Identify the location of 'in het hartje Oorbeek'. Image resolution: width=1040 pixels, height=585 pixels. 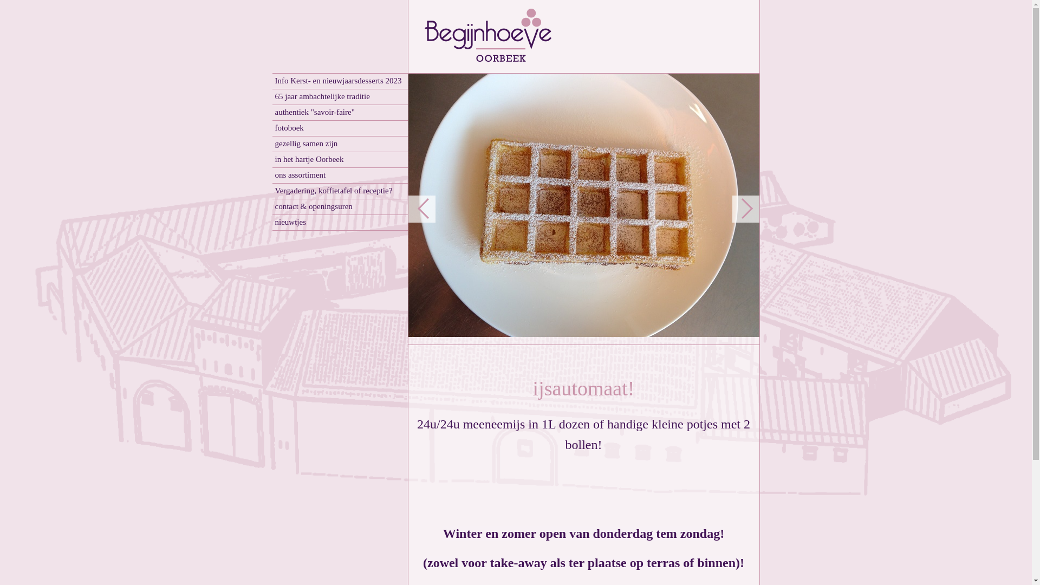
(272, 160).